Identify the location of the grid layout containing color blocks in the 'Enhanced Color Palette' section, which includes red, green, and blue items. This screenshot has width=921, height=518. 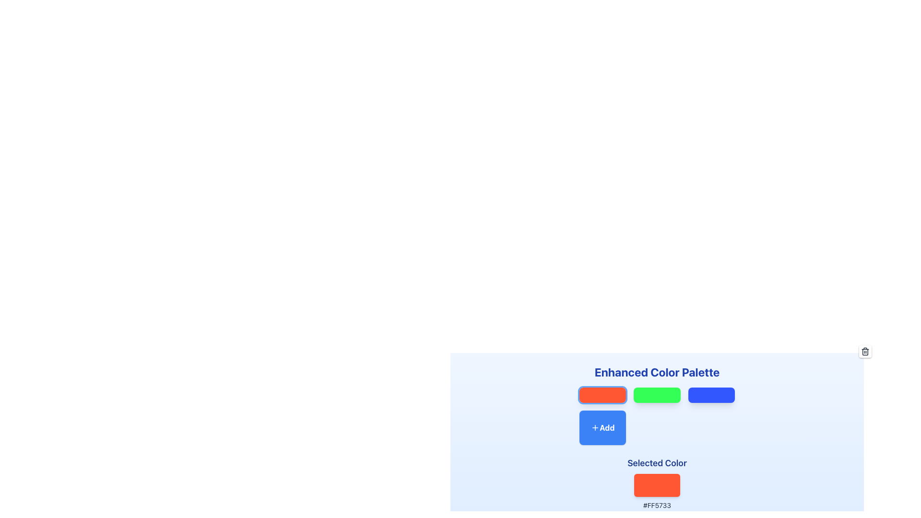
(656, 415).